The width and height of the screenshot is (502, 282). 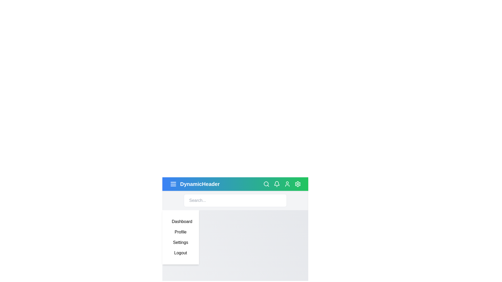 I want to click on the search bar and type the text 'example', so click(x=235, y=200).